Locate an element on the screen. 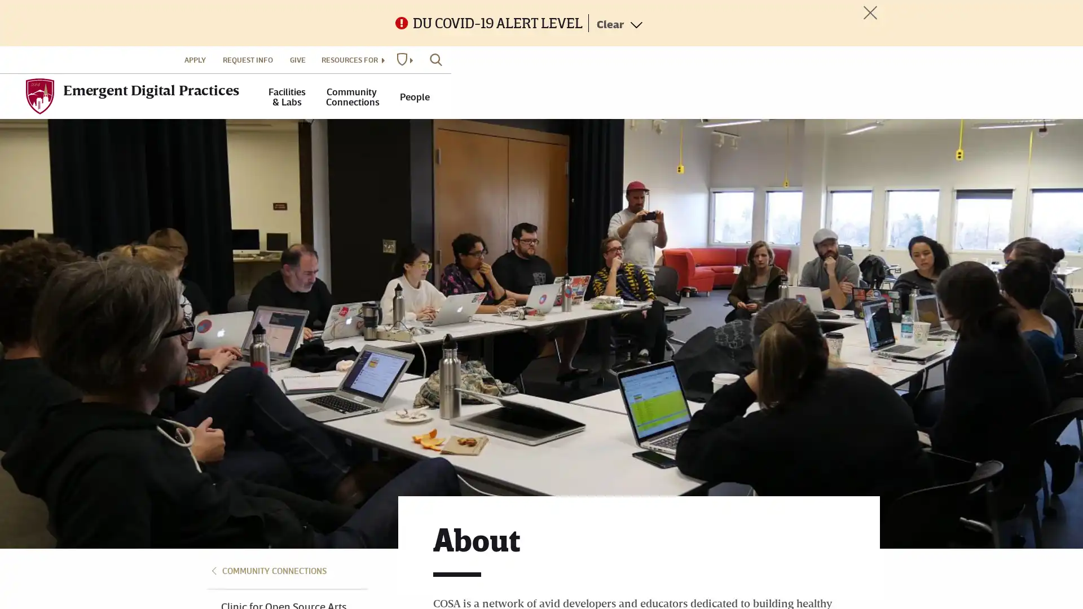  GIVE is located at coordinates (726, 59).